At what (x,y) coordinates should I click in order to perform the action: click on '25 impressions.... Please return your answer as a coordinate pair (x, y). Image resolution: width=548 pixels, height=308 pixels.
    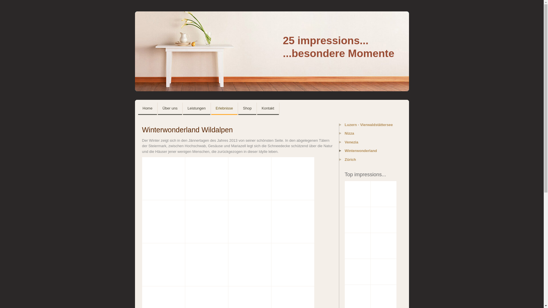
    Looking at the image, I should click on (271, 51).